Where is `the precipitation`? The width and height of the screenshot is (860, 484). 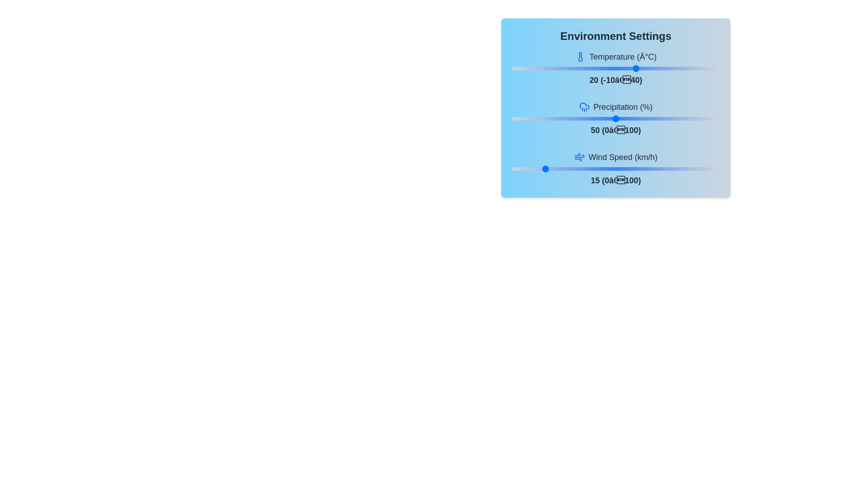 the precipitation is located at coordinates (561, 118).